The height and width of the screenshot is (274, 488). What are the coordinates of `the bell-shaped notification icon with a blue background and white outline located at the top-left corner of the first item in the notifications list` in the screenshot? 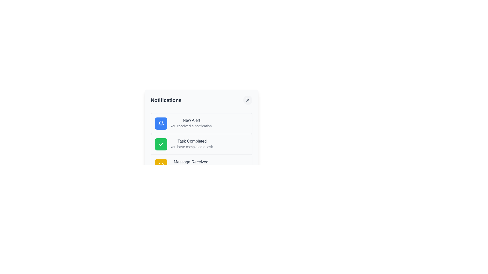 It's located at (161, 123).